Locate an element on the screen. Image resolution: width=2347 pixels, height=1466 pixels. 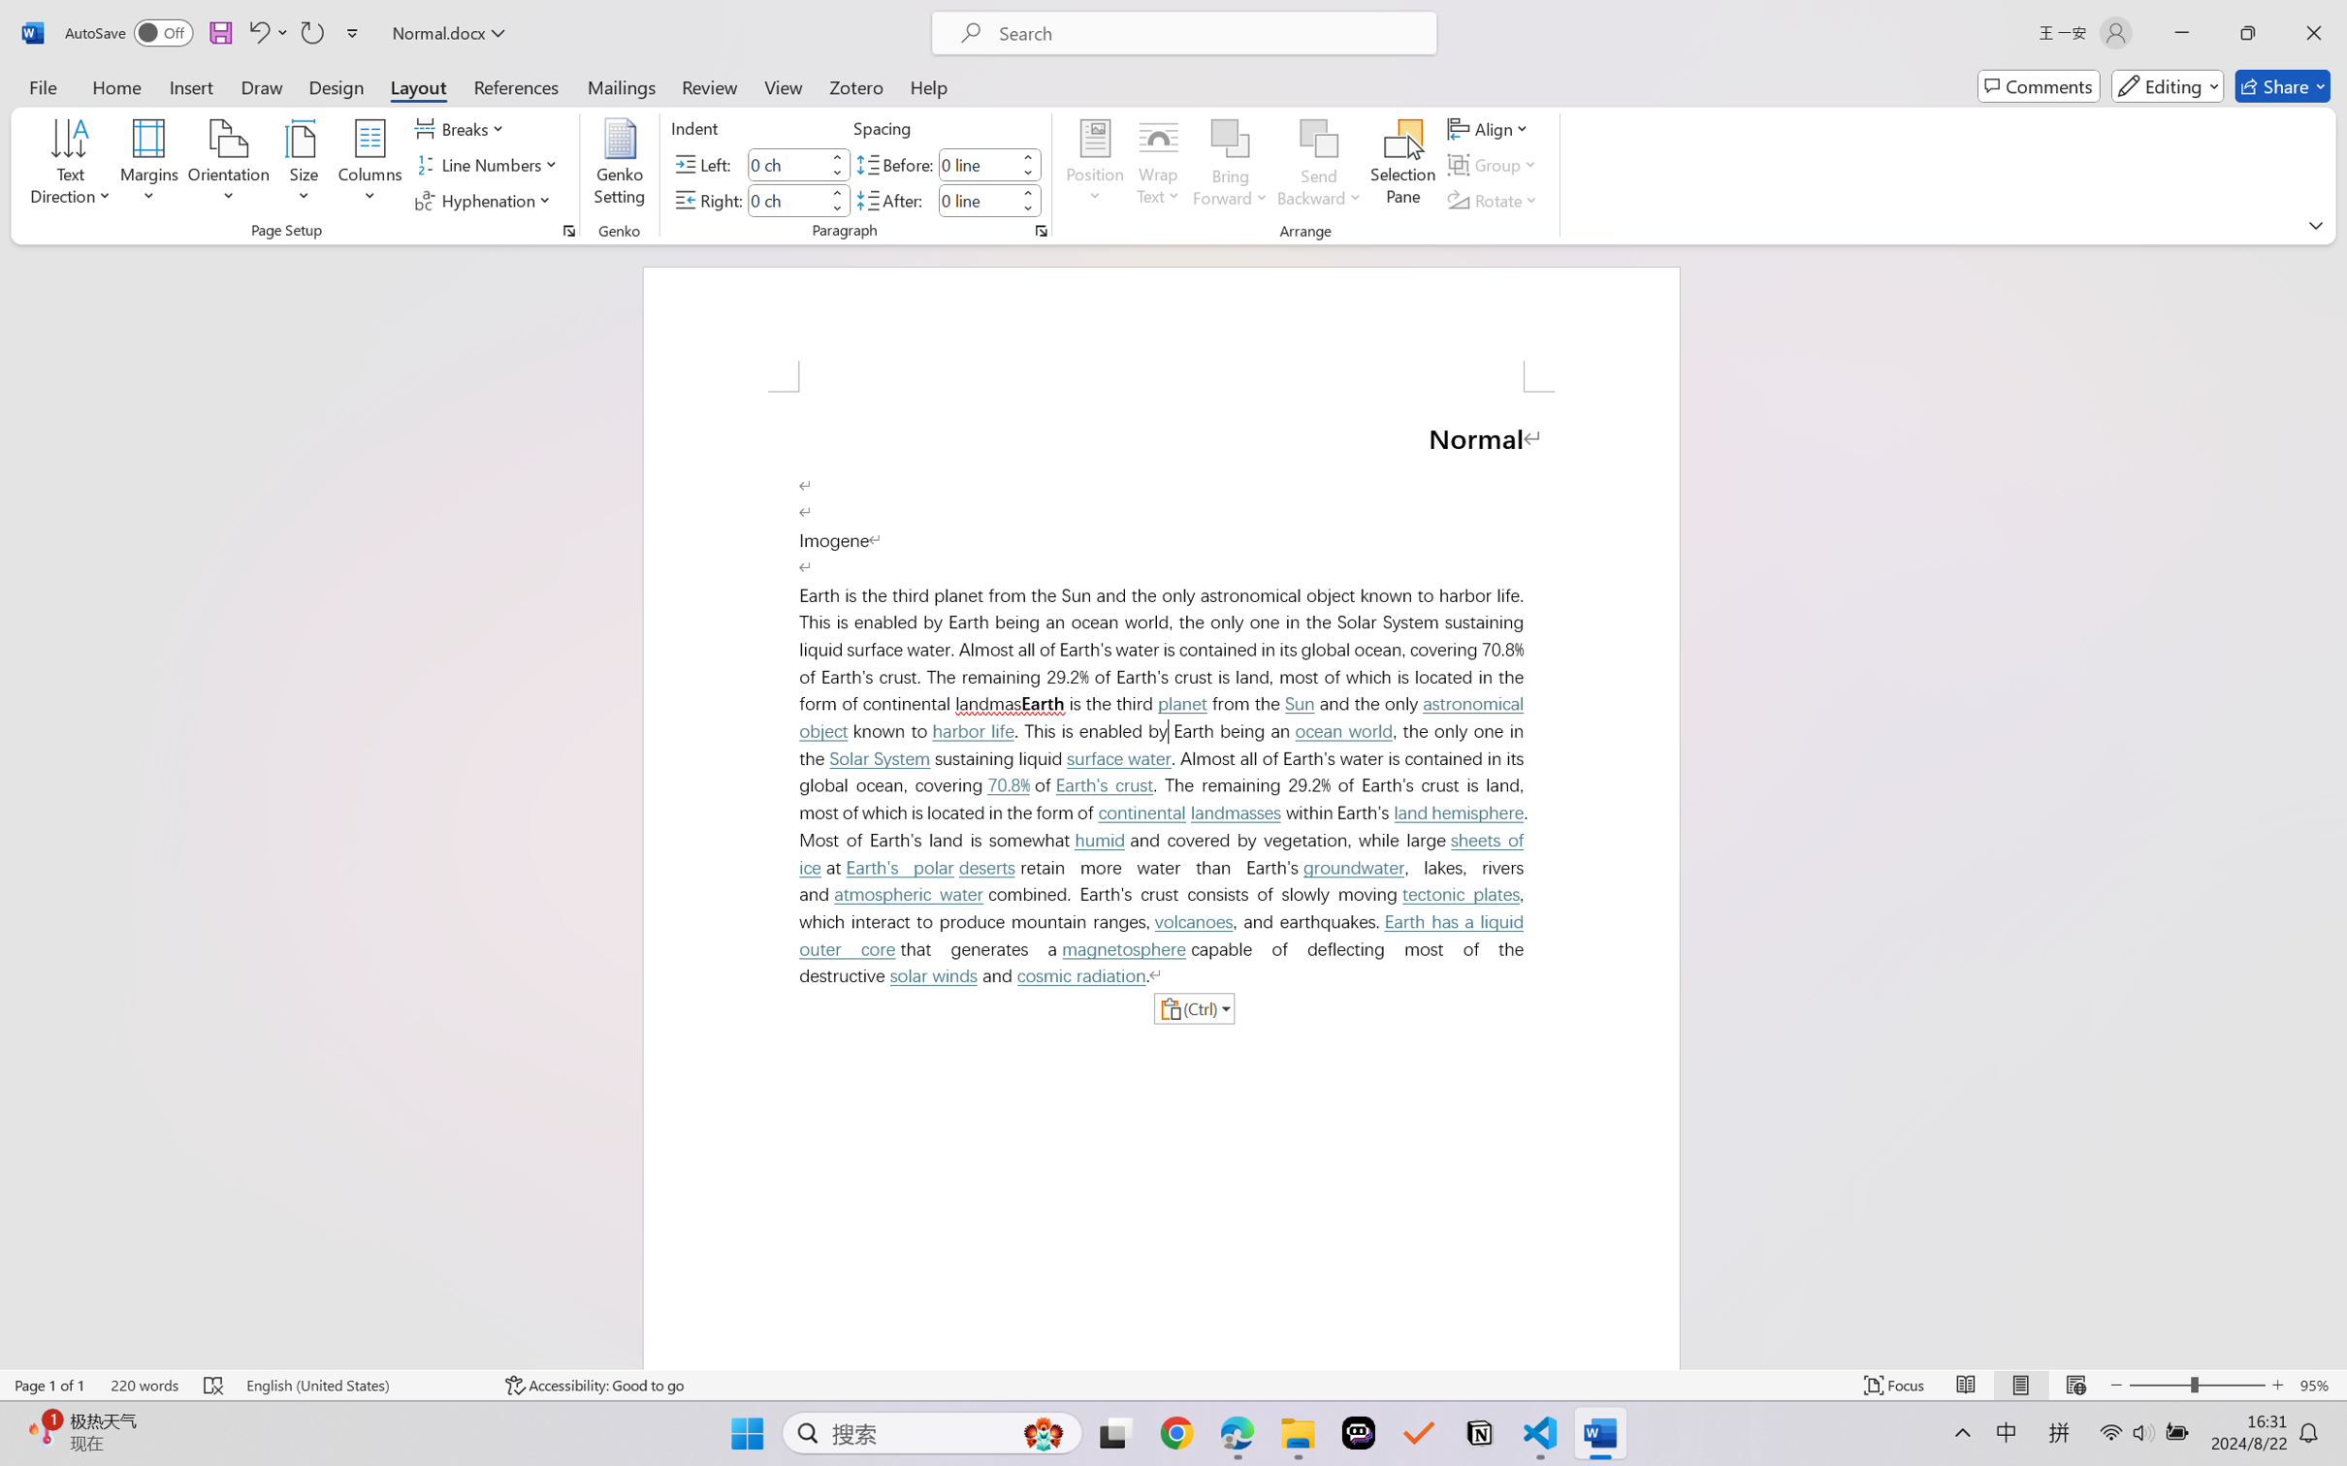
'Line Numbers' is located at coordinates (488, 165).